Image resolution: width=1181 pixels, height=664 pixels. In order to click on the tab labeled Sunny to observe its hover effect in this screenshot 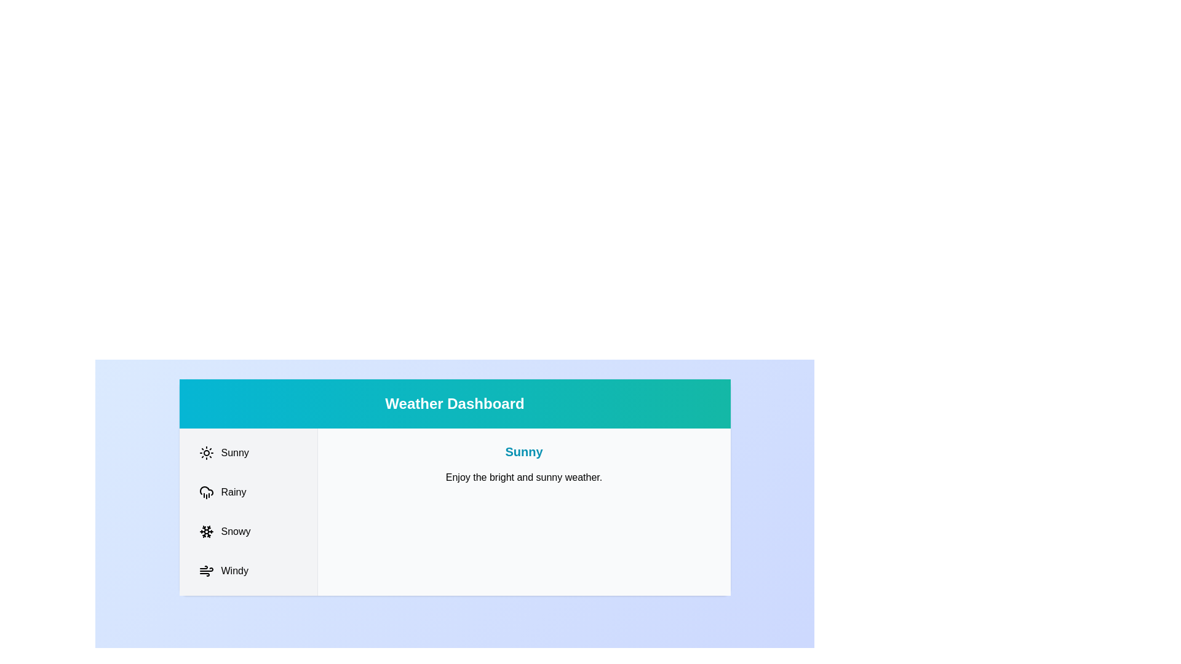, I will do `click(247, 453)`.